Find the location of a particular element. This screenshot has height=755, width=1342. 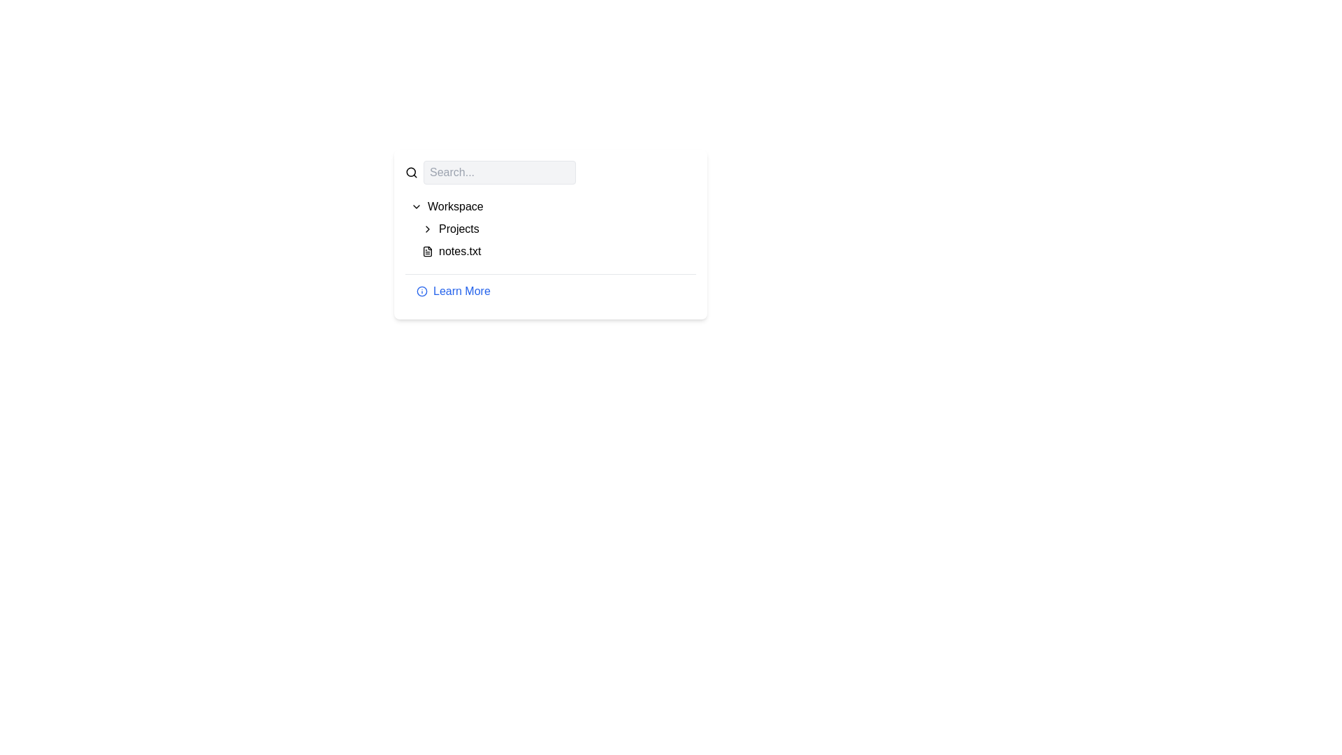

the 'Projects' text label is located at coordinates (459, 228).